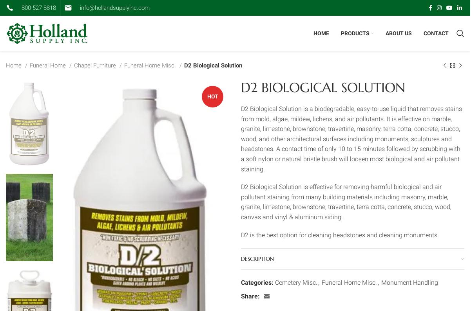 This screenshot has height=311, width=471. What do you see at coordinates (115, 7) in the screenshot?
I see `'info@hollandsupplyinc.com'` at bounding box center [115, 7].